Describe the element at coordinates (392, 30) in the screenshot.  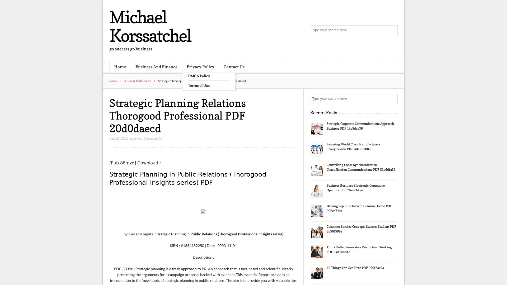
I see `Search` at that location.